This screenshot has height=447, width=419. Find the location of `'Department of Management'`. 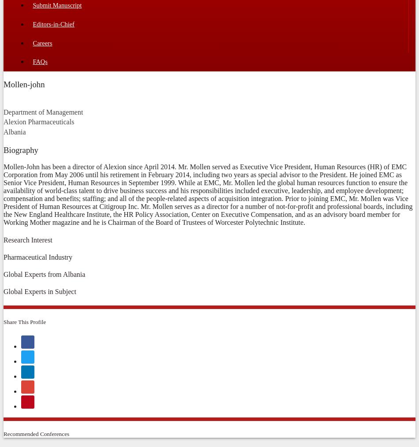

'Department of Management' is located at coordinates (43, 111).